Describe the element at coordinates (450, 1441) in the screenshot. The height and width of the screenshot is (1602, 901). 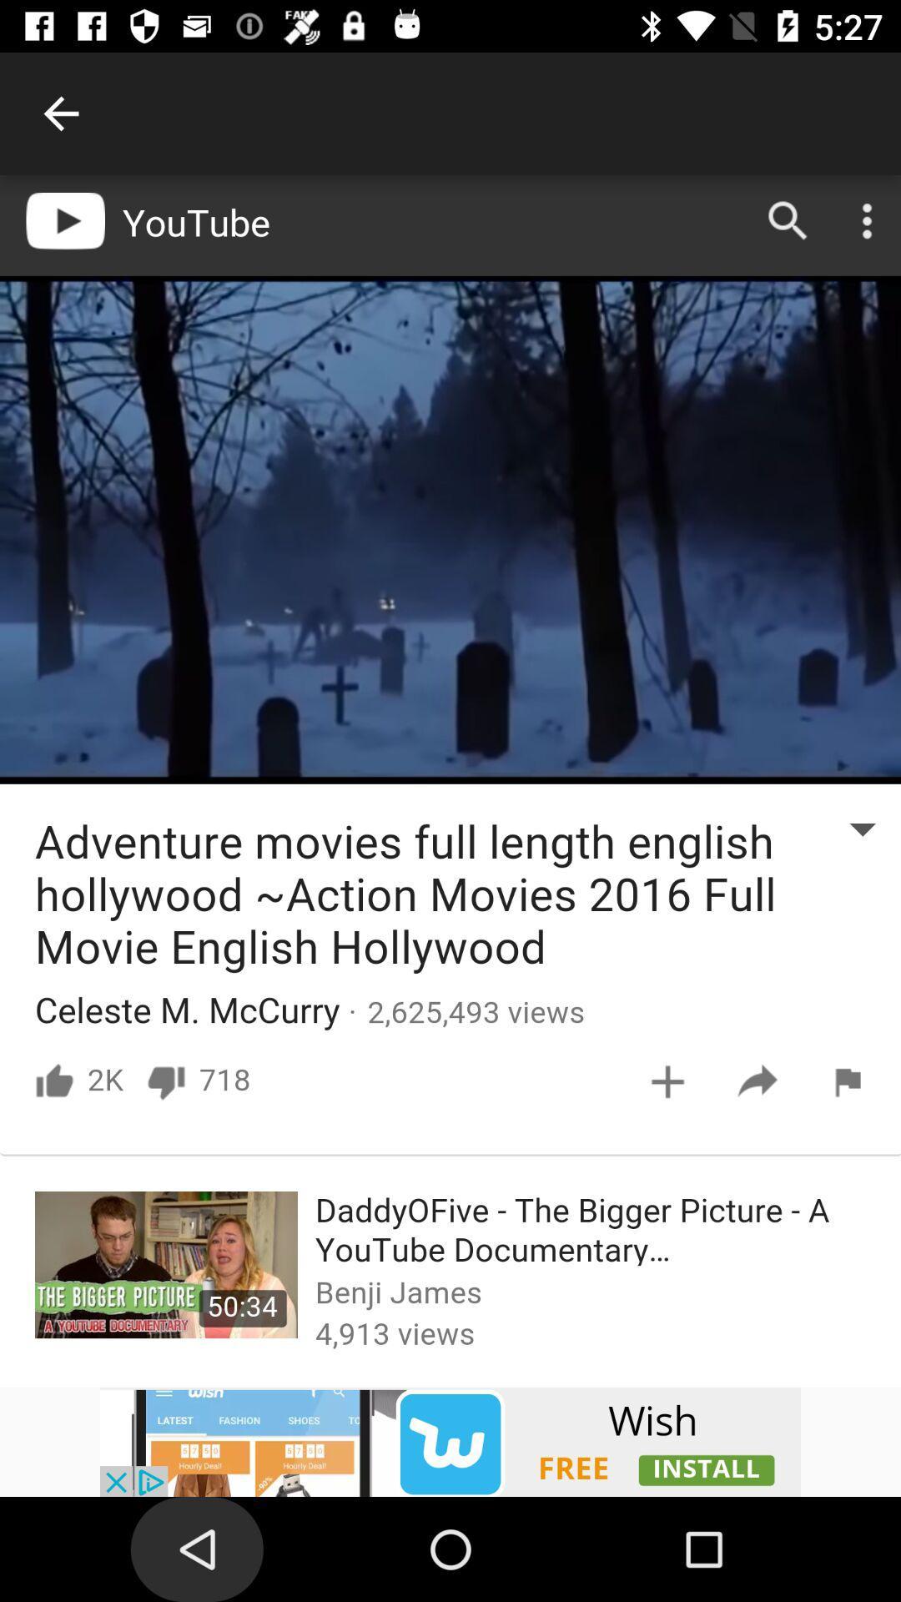
I see `advertisement banner` at that location.